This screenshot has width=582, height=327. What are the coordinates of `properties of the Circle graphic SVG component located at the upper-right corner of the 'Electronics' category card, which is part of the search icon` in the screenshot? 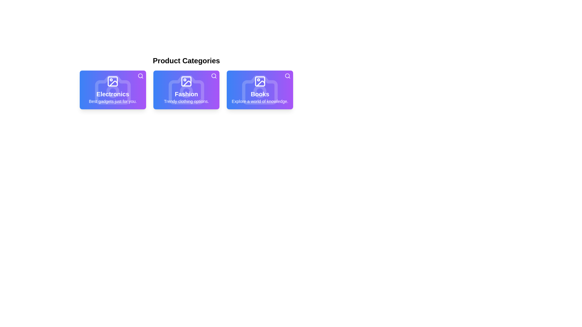 It's located at (140, 75).